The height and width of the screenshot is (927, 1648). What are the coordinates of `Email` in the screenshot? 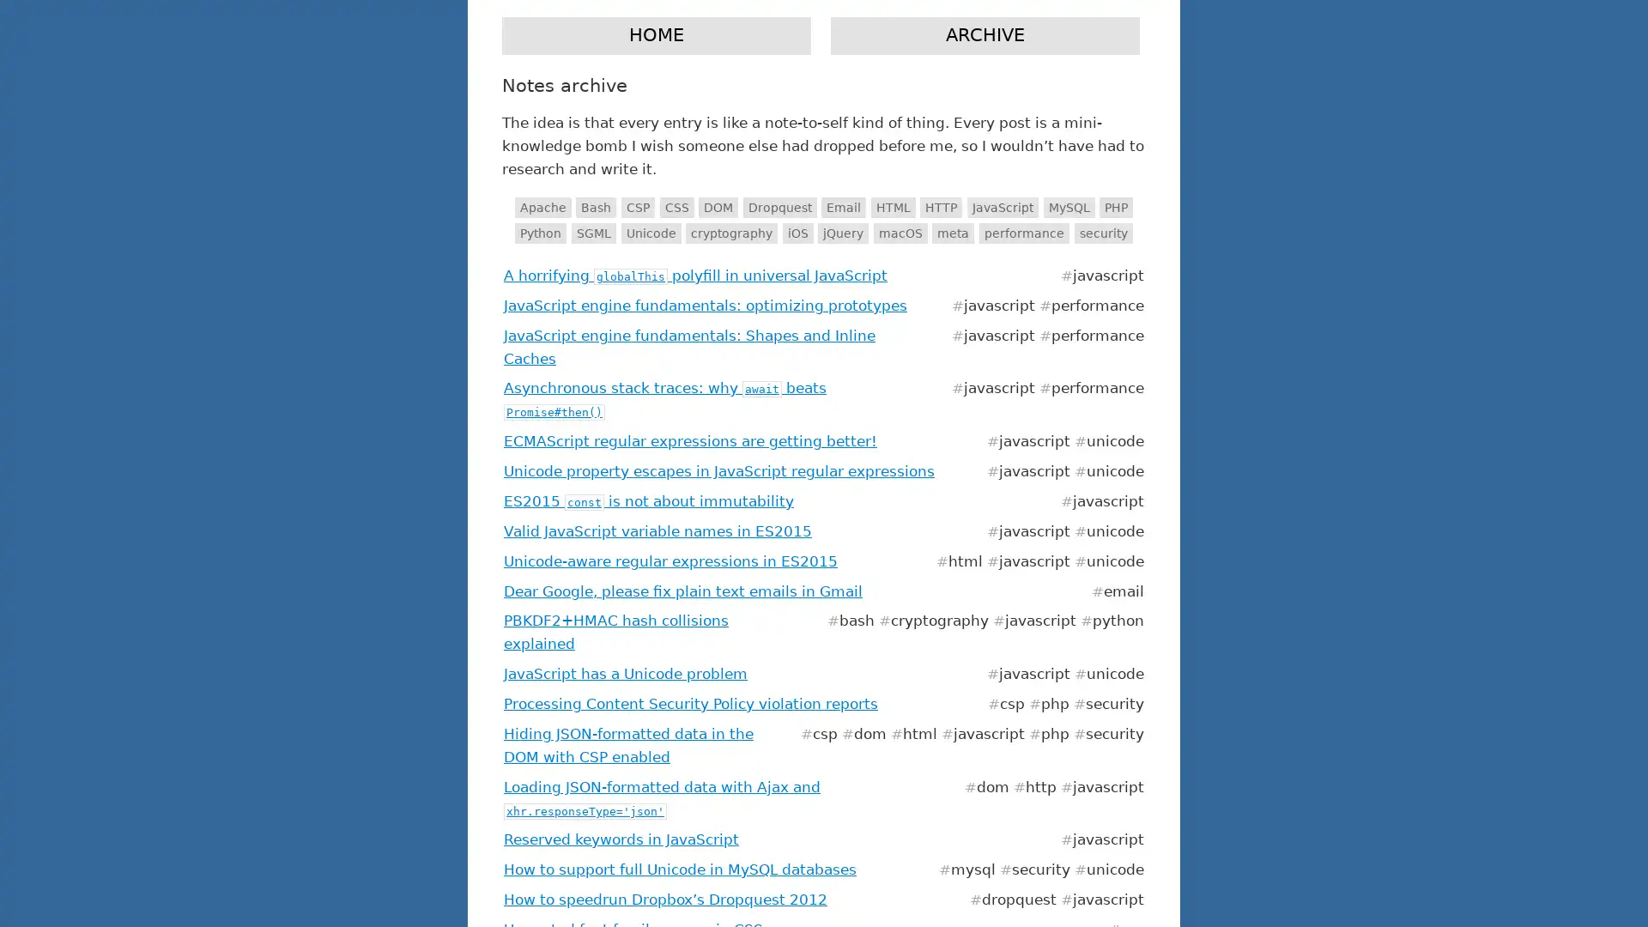 It's located at (844, 207).